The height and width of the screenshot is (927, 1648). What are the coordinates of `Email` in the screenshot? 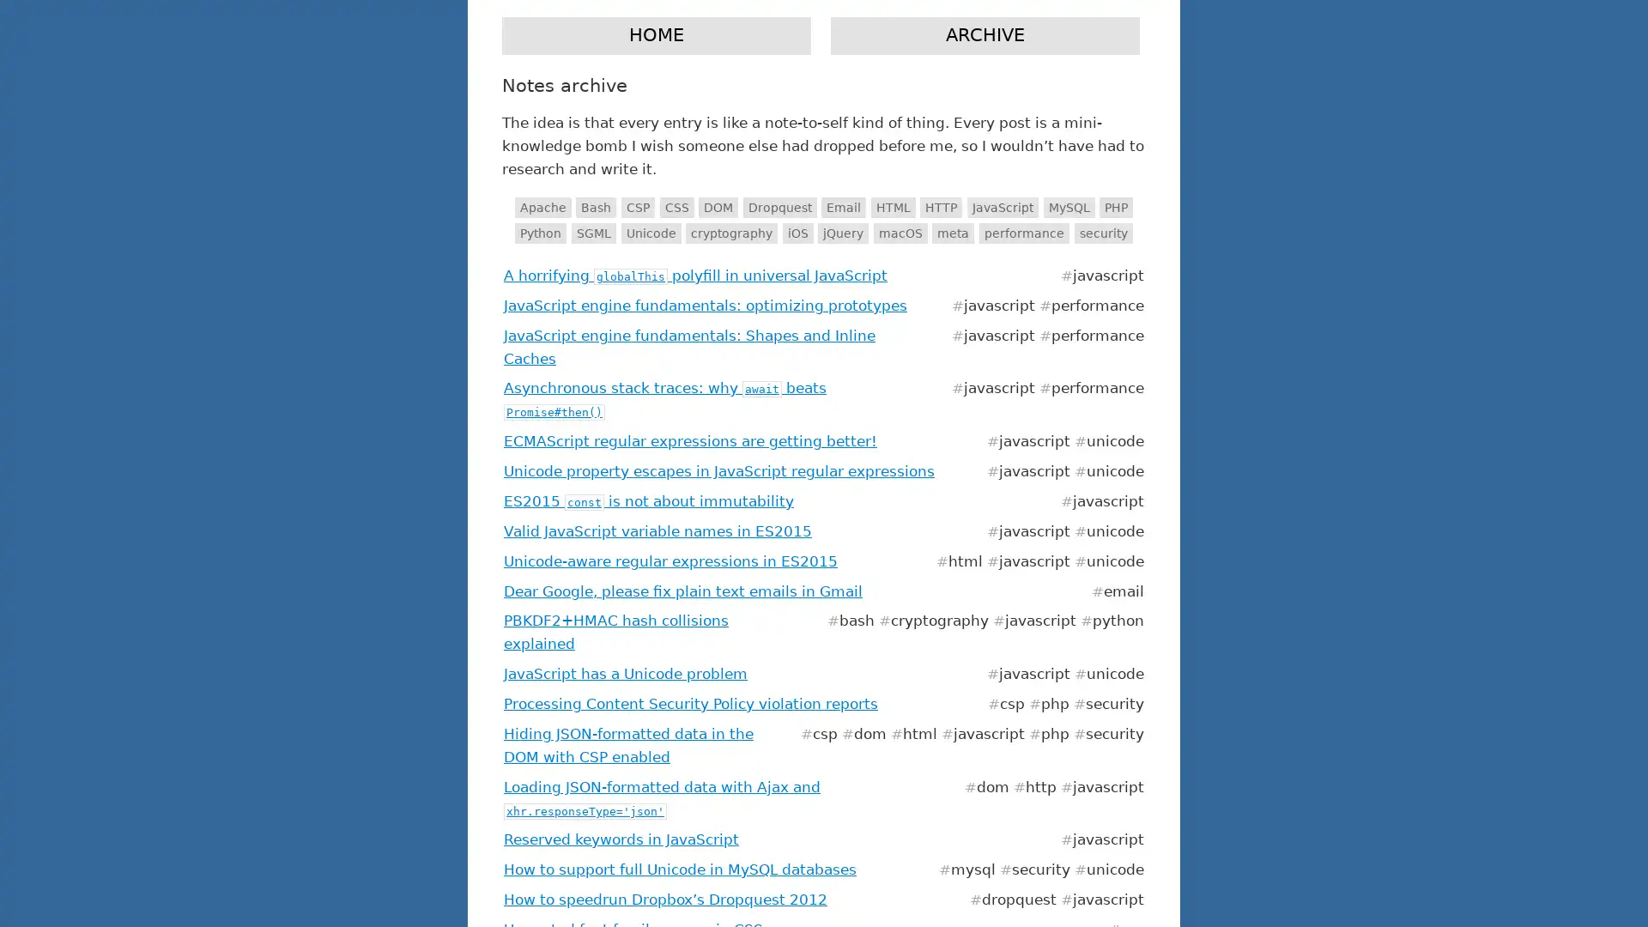 It's located at (844, 207).